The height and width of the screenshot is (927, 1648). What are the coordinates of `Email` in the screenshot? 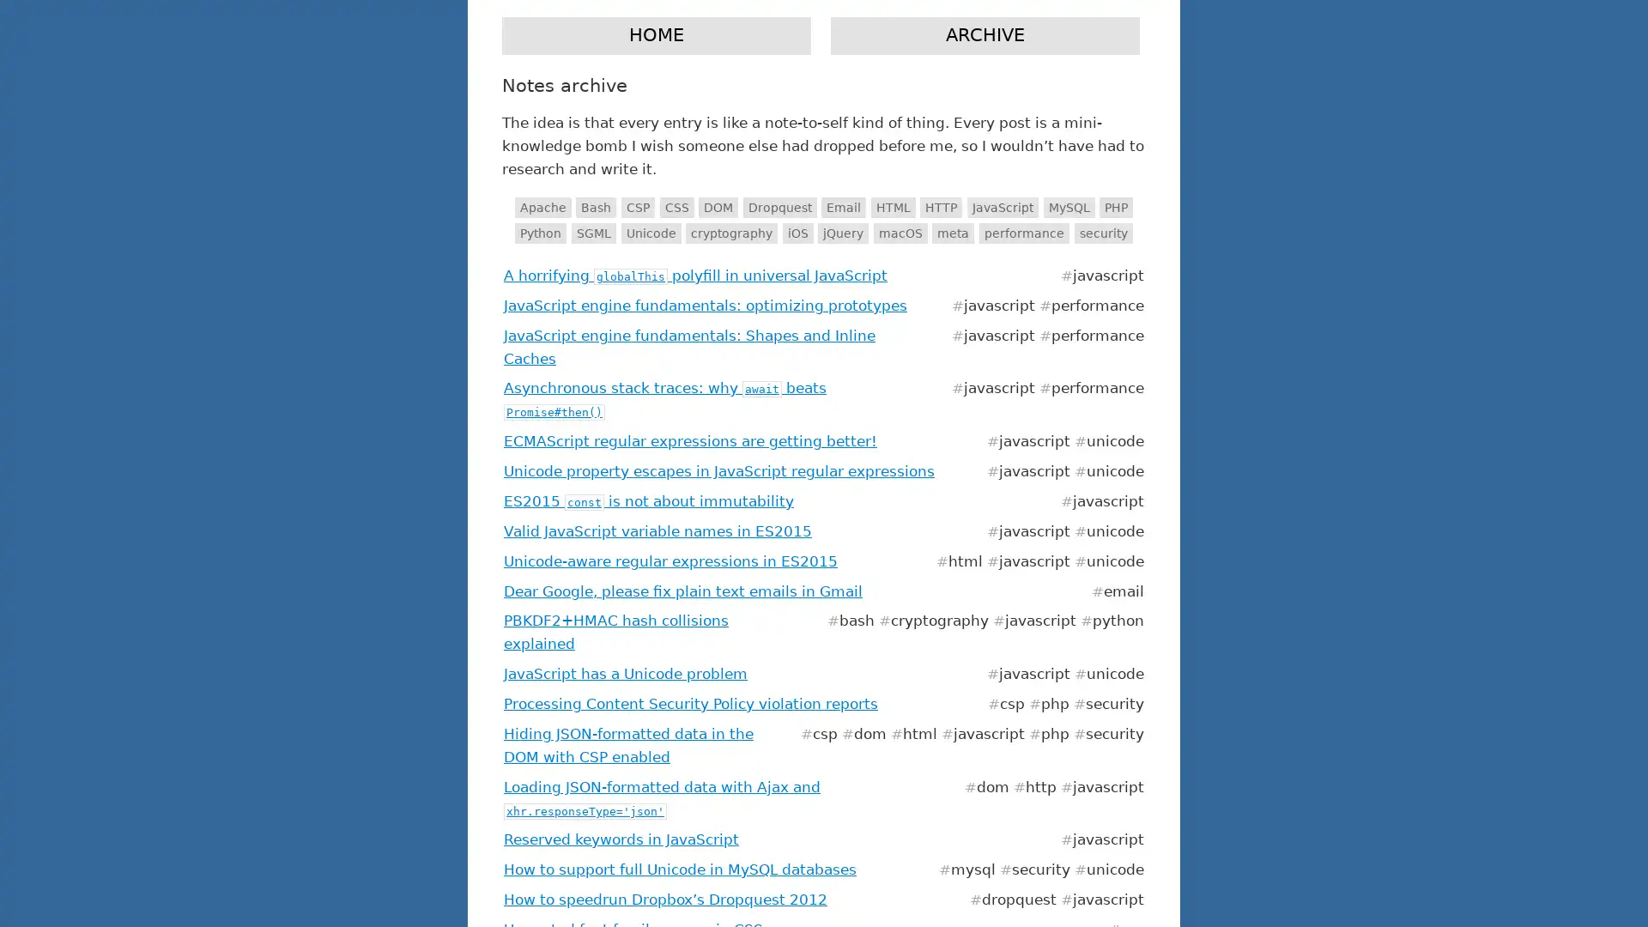 It's located at (844, 207).